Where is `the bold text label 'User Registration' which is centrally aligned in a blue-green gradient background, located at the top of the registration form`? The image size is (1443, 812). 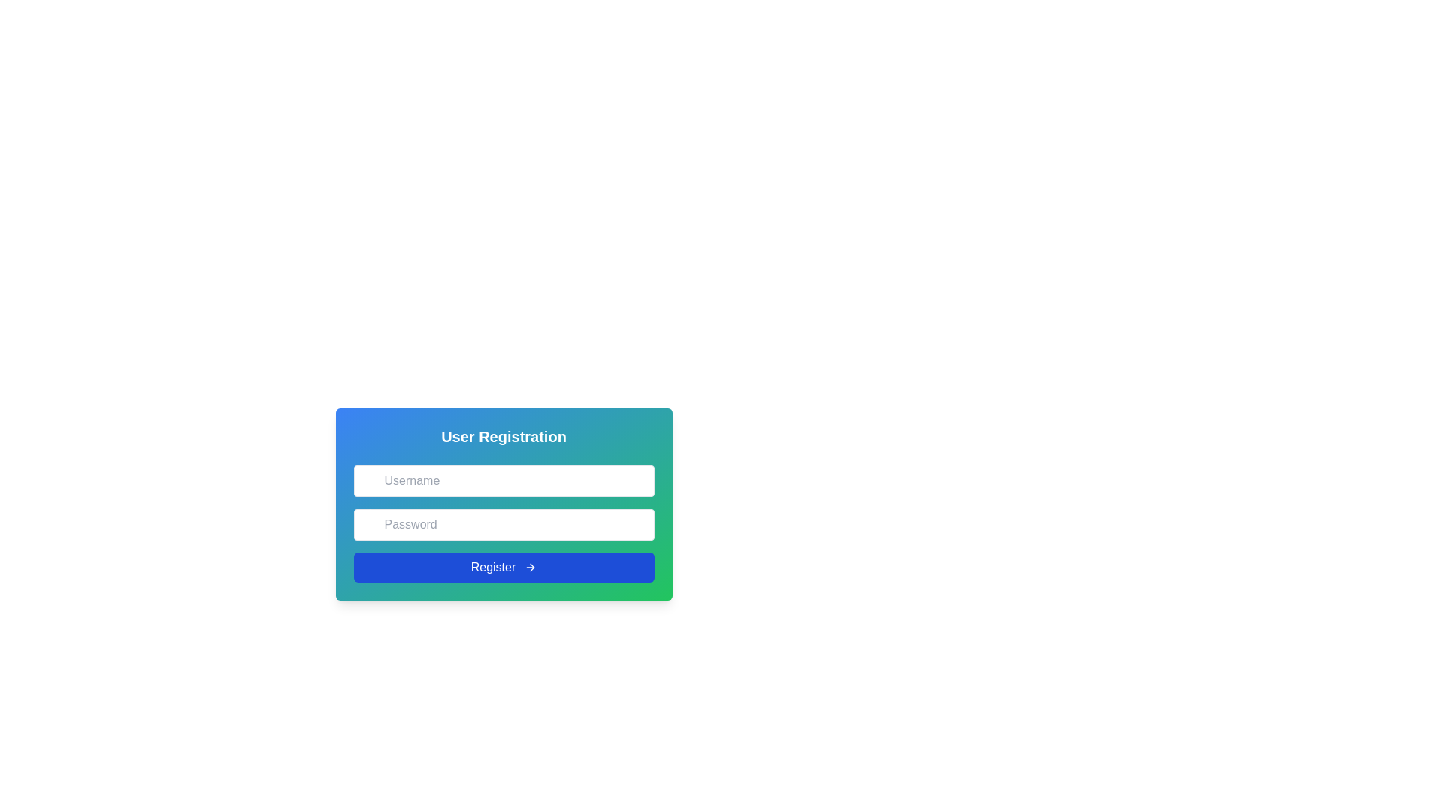 the bold text label 'User Registration' which is centrally aligned in a blue-green gradient background, located at the top of the registration form is located at coordinates (504, 437).